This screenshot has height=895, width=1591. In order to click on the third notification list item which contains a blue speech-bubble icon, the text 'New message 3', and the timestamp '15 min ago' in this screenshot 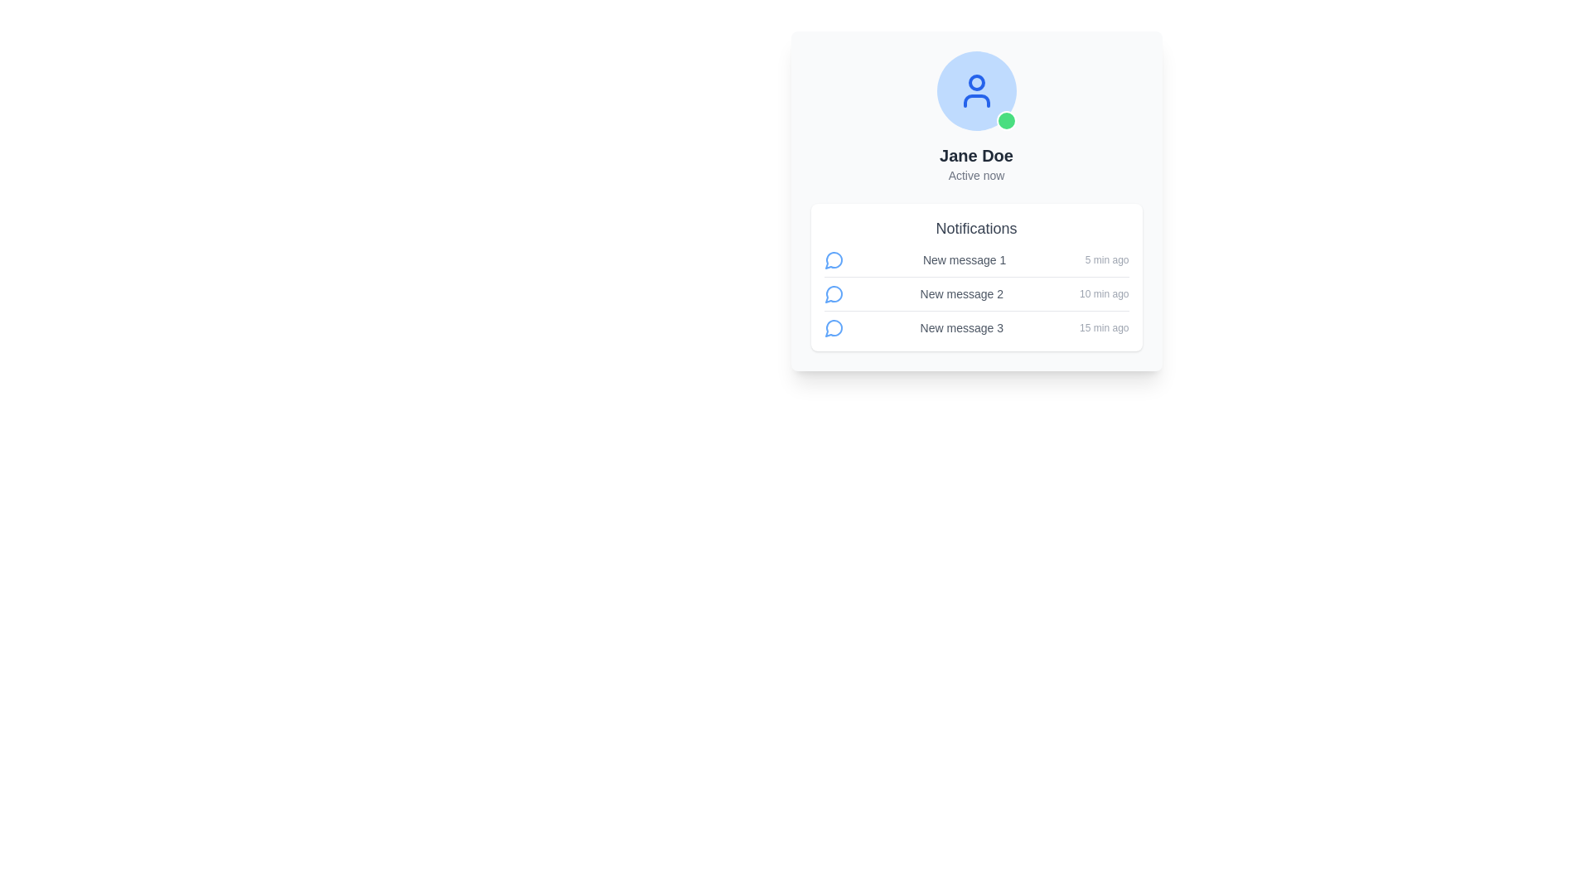, I will do `click(976, 328)`.